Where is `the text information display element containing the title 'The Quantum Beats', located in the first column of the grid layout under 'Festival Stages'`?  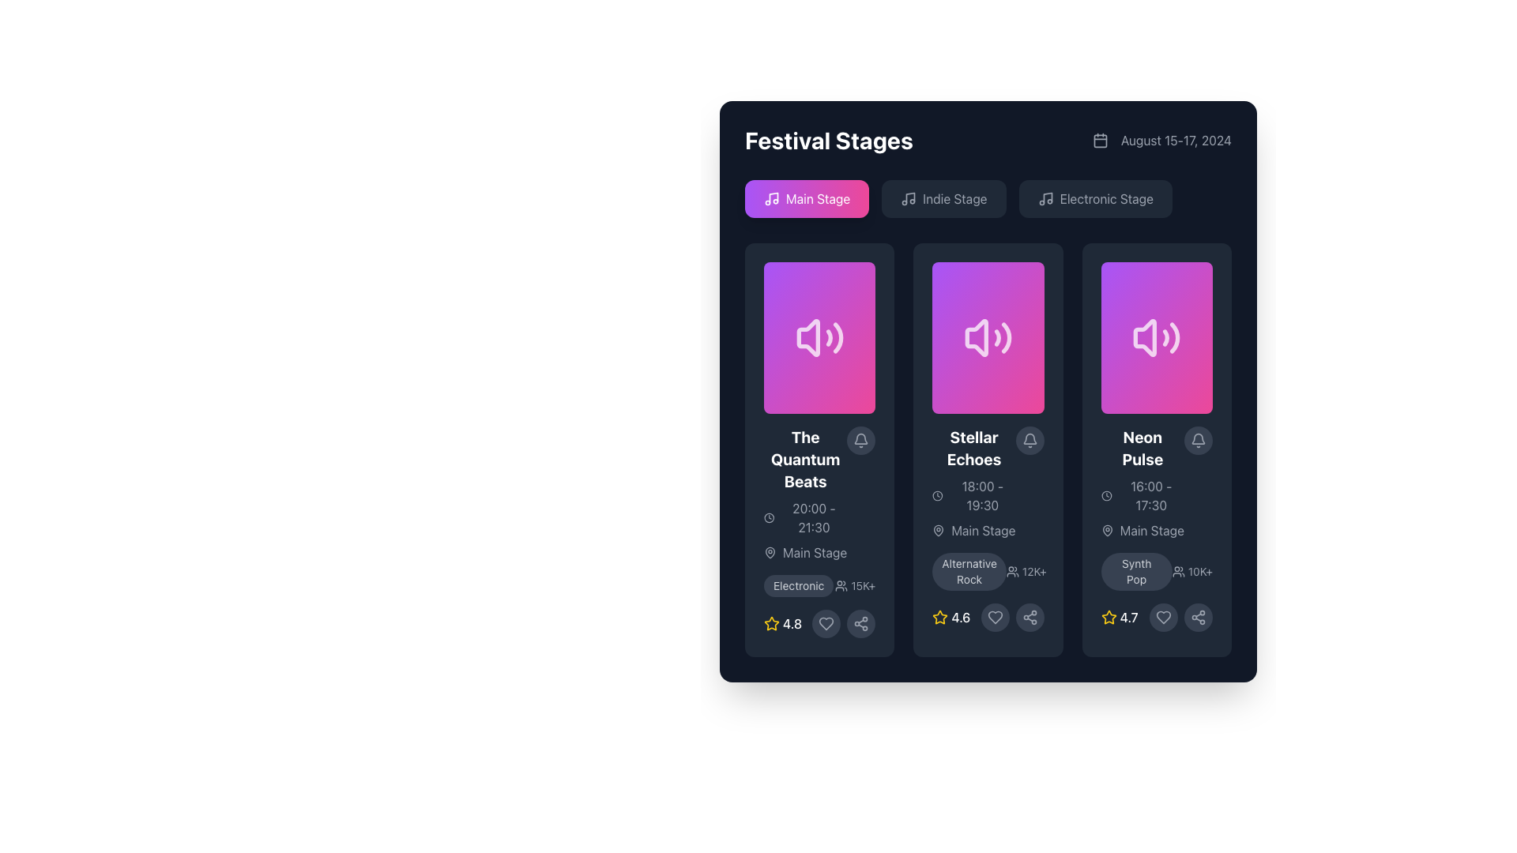 the text information display element containing the title 'The Quantum Beats', located in the first column of the grid layout under 'Festival Stages' is located at coordinates (819, 493).